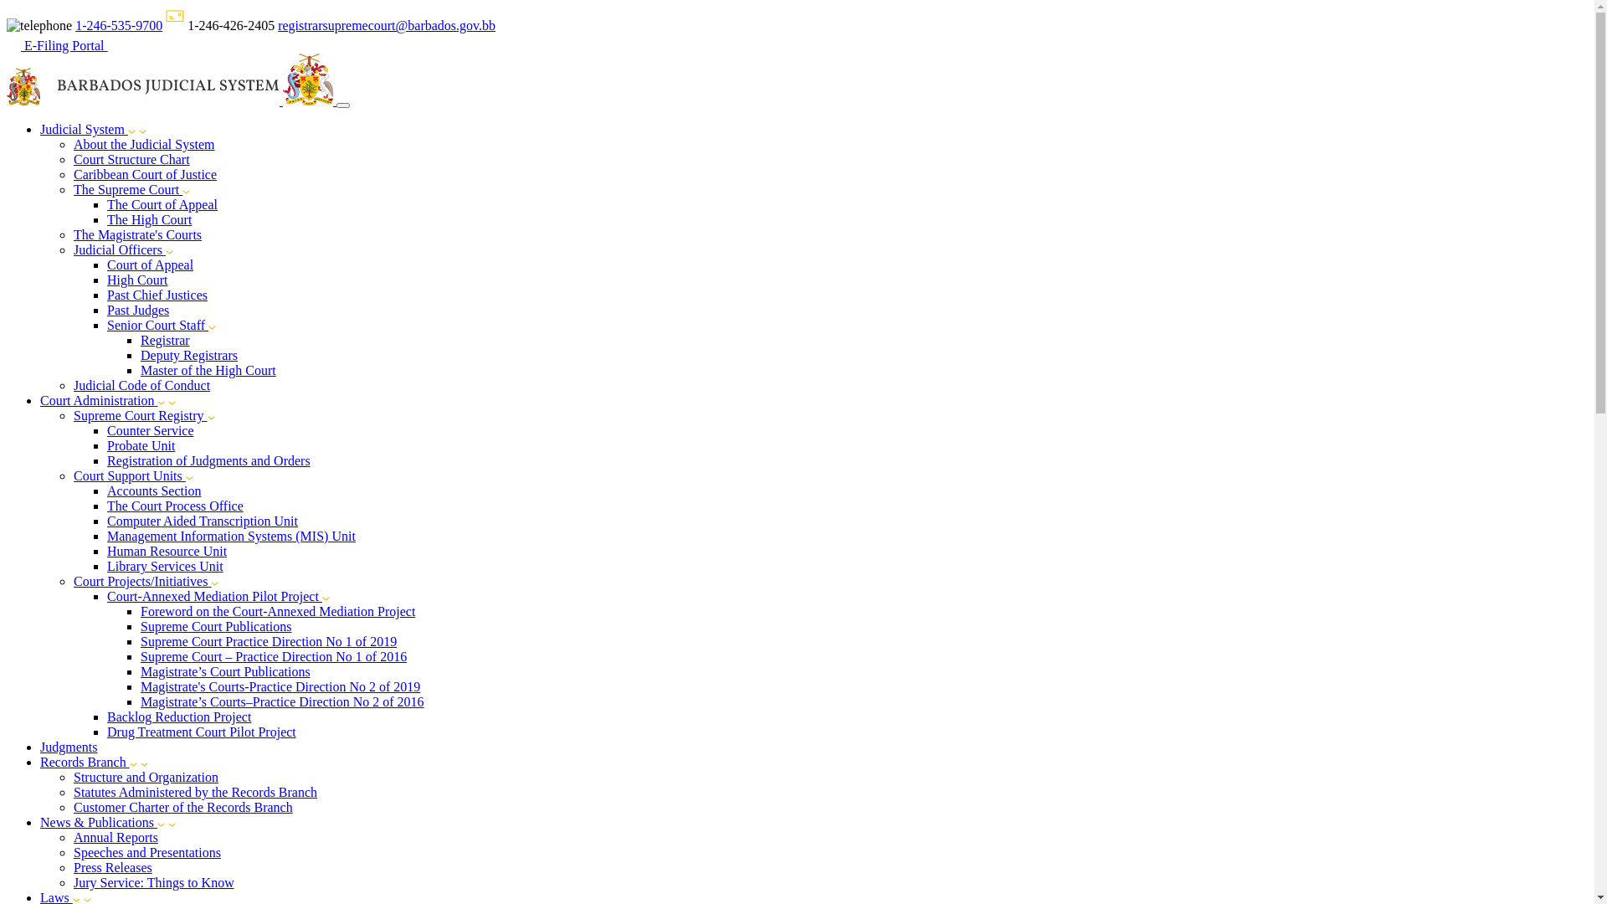 The image size is (1607, 904). I want to click on 'Judicial System', so click(40, 128).